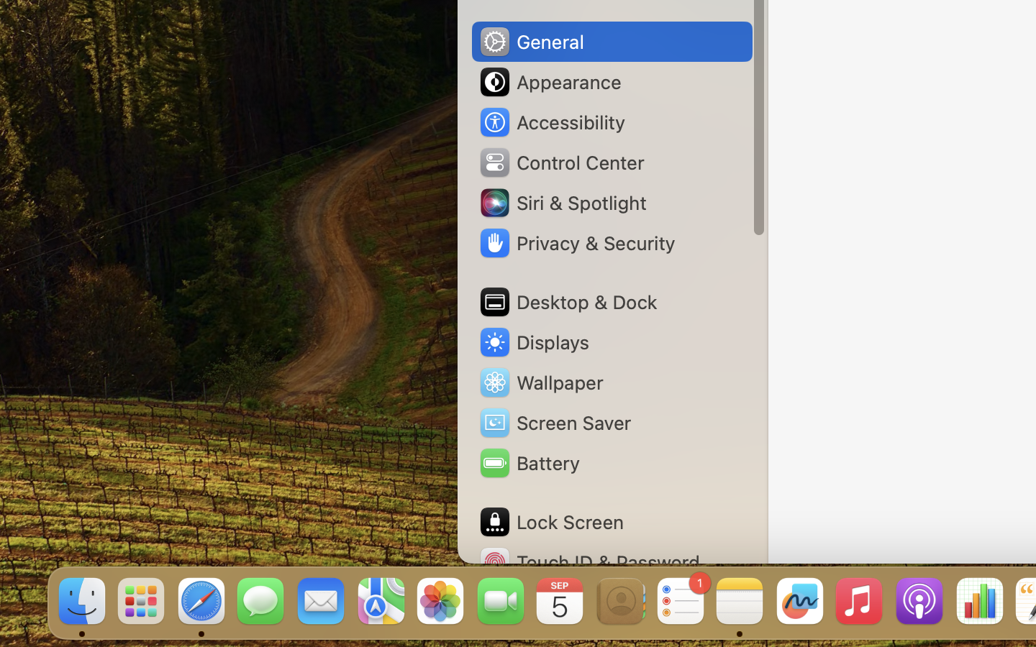  I want to click on 'Displays', so click(533, 341).